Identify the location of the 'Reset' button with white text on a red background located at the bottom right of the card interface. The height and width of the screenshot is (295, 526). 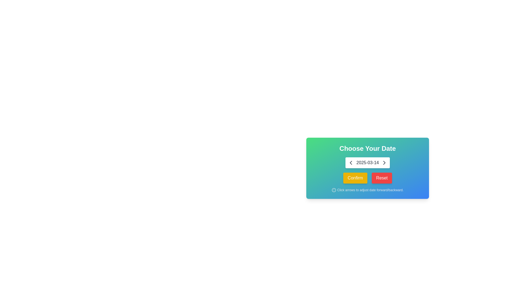
(381, 178).